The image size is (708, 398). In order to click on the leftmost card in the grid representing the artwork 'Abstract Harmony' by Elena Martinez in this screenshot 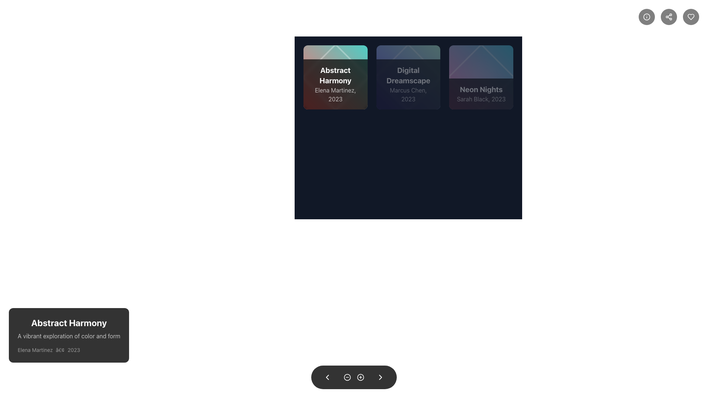, I will do `click(335, 77)`.